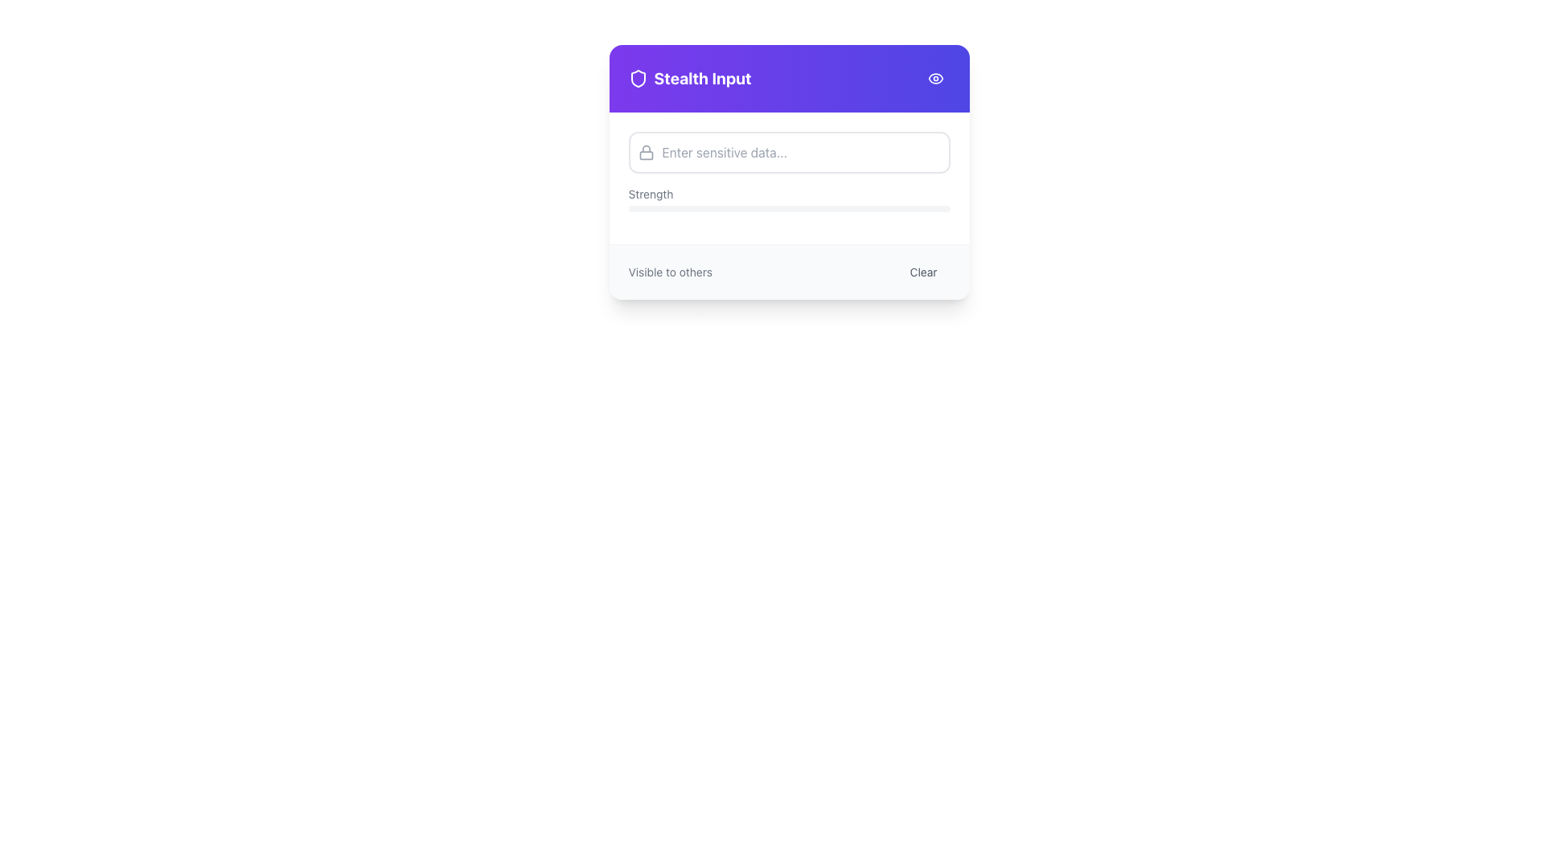  Describe the element at coordinates (670, 272) in the screenshot. I see `the static text label providing informational context about the visibility status of associated data, located on the left side near the bottom of the interface` at that location.